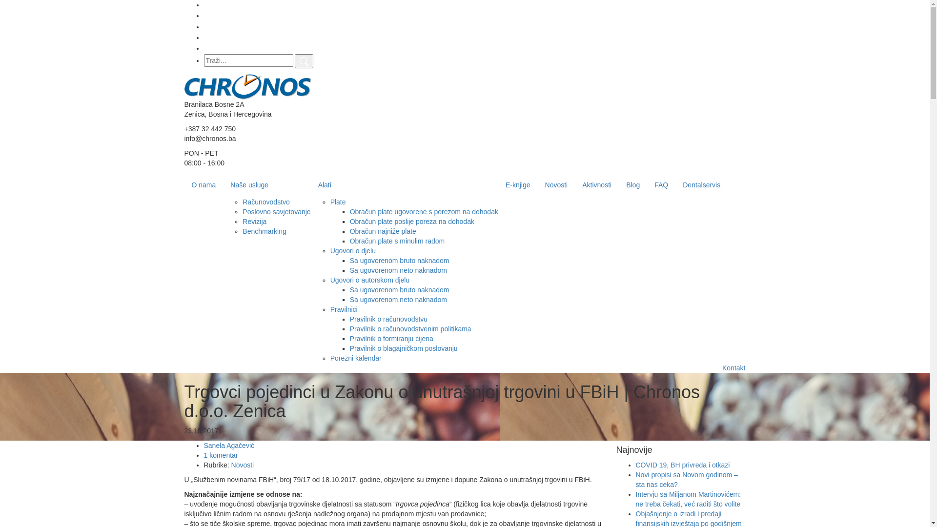  Describe the element at coordinates (338, 201) in the screenshot. I see `'Plate'` at that location.